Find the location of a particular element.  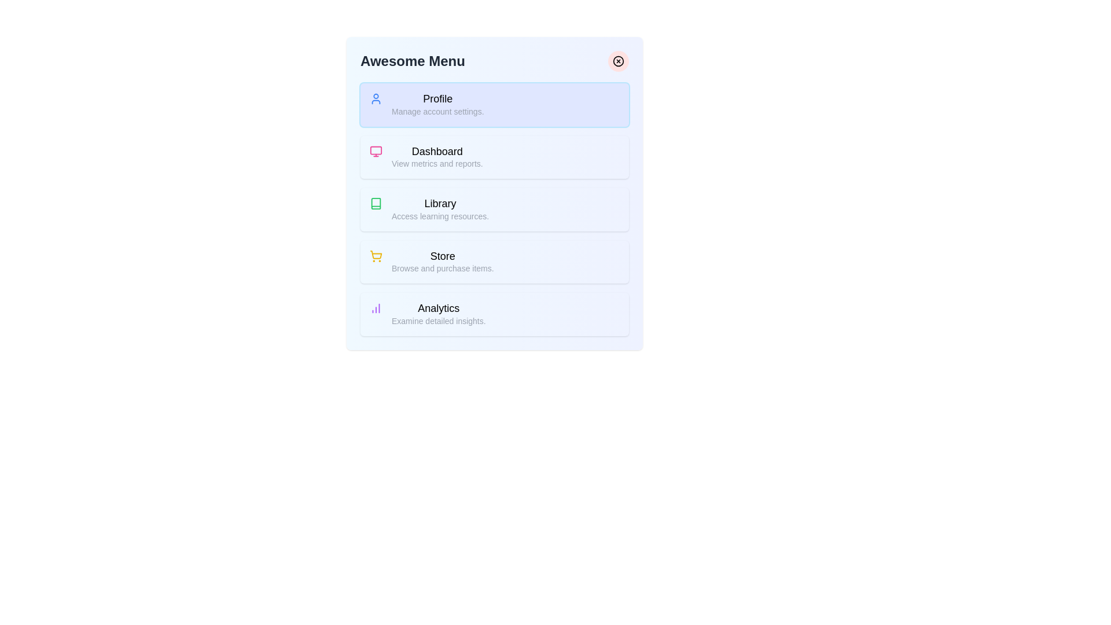

the menu item labeled Dashboard to preview its hover state is located at coordinates (494, 157).